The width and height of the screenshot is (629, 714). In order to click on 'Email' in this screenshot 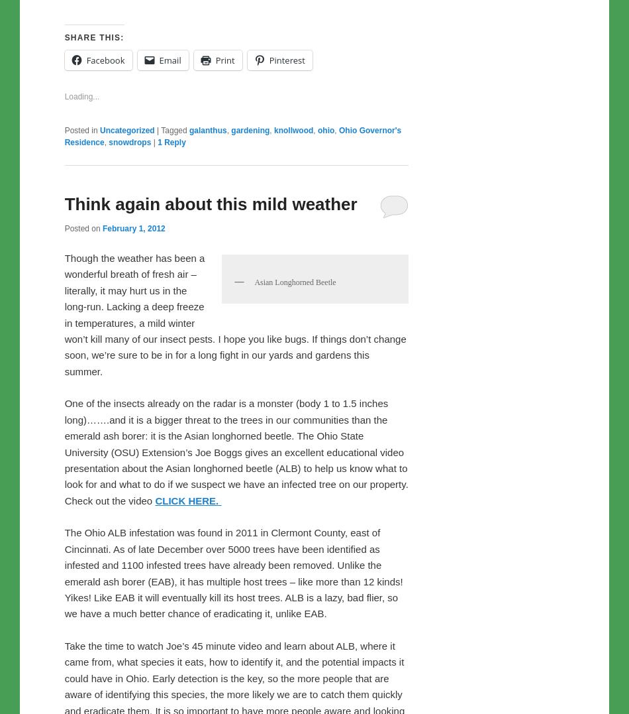, I will do `click(169, 92)`.